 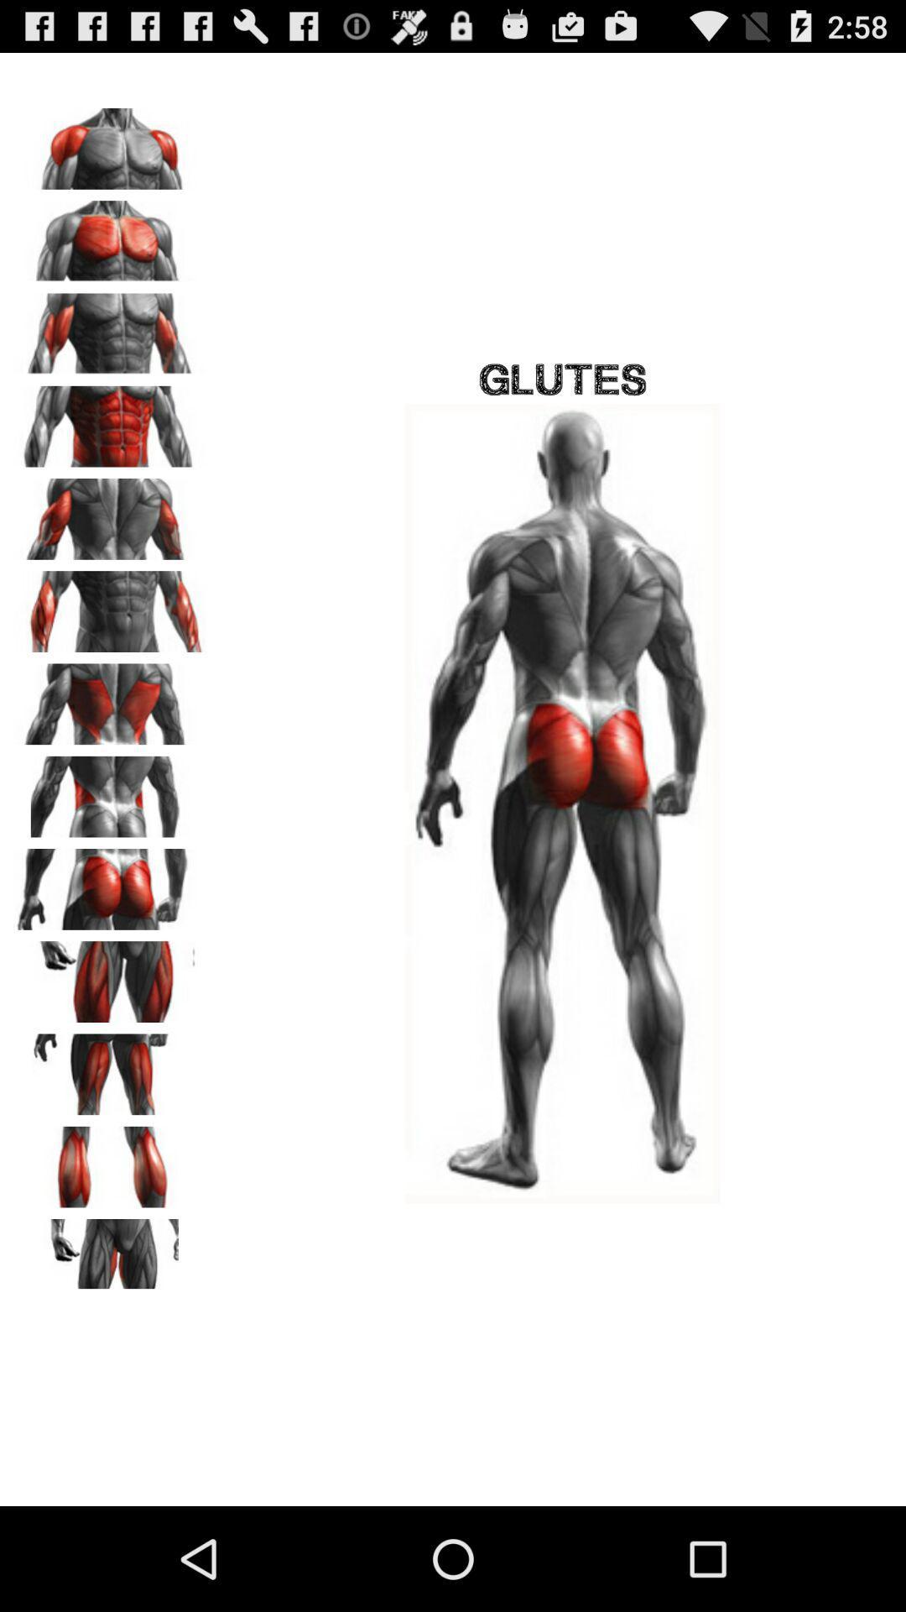 What do you see at coordinates (110, 1253) in the screenshot?
I see `change the view of body part` at bounding box center [110, 1253].